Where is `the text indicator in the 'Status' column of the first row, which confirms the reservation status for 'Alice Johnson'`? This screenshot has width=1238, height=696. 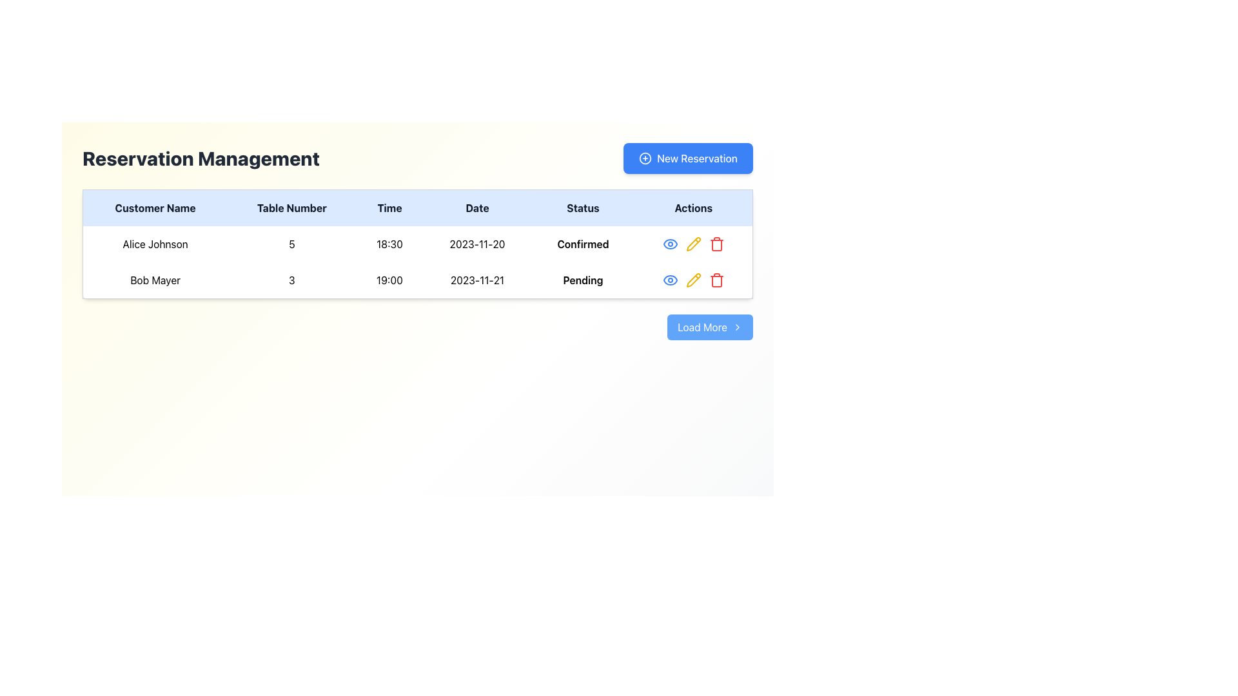
the text indicator in the 'Status' column of the first row, which confirms the reservation status for 'Alice Johnson' is located at coordinates (582, 244).